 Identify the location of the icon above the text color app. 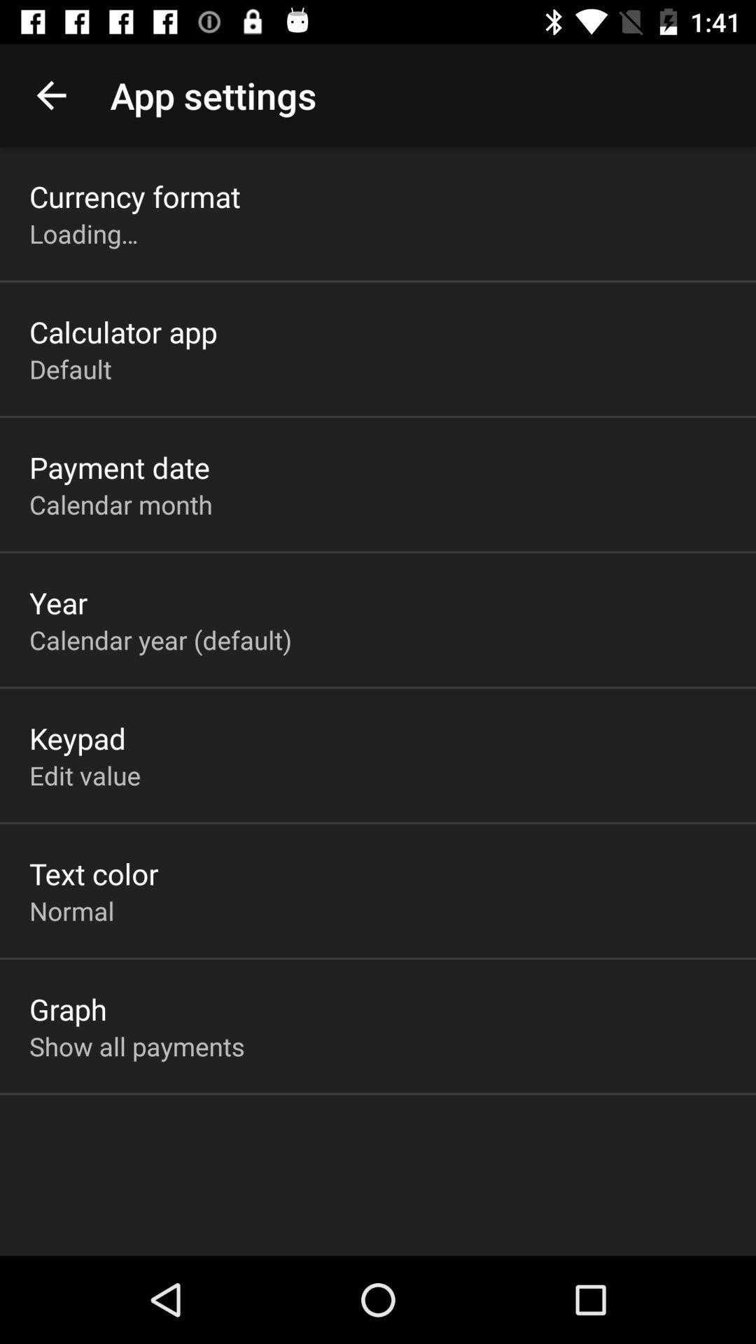
(85, 774).